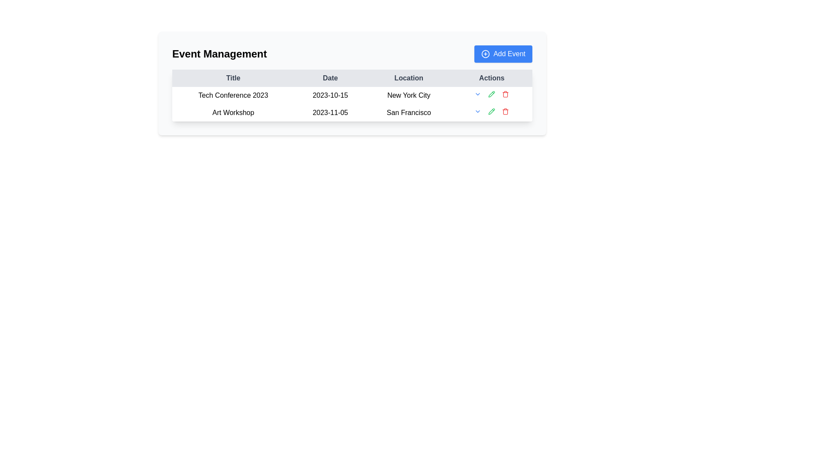  I want to click on the garbage bin icon located in the 'Actions' column of the second row in the 'Event Management' table, so click(506, 112).